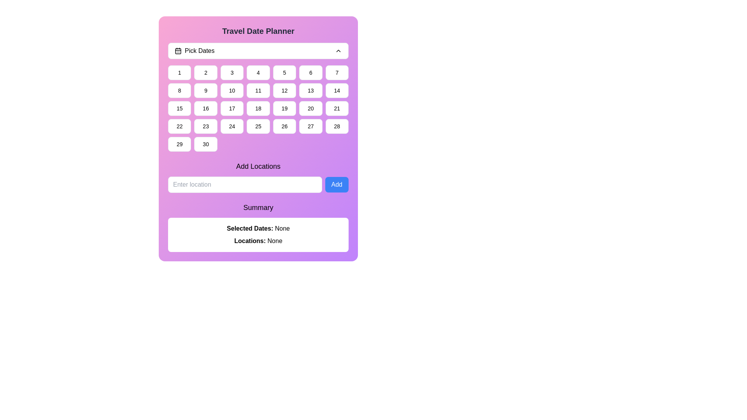 Image resolution: width=747 pixels, height=420 pixels. Describe the element at coordinates (310, 72) in the screenshot. I see `the sixth button in the calendar interface` at that location.